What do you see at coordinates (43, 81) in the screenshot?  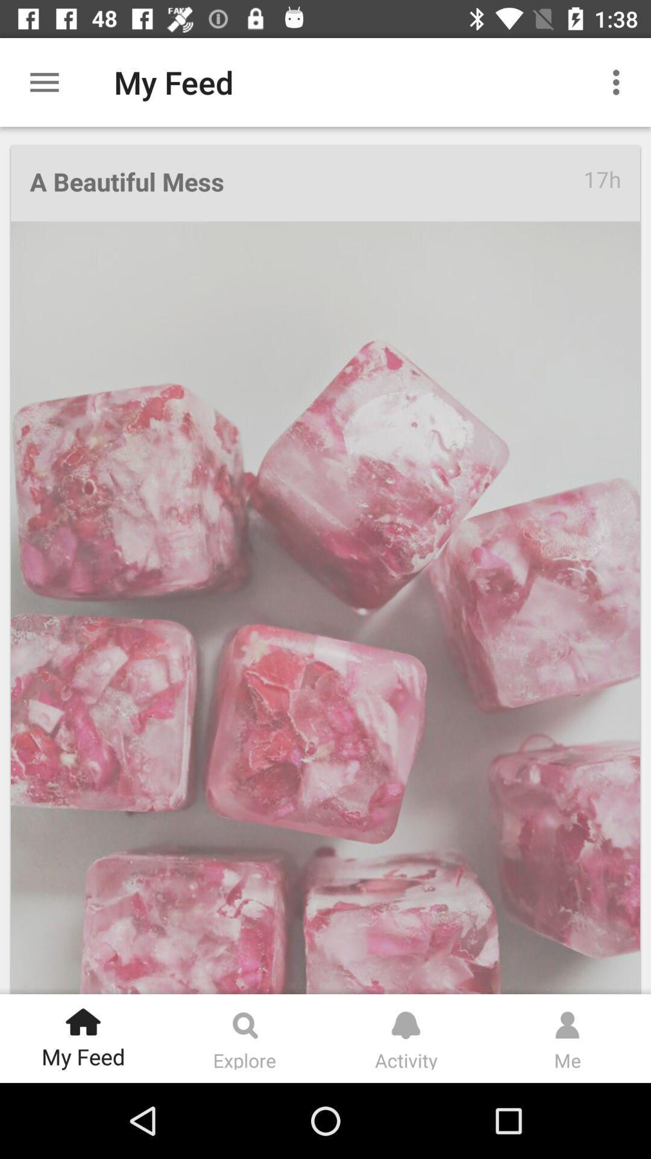 I see `item next to my feed` at bounding box center [43, 81].